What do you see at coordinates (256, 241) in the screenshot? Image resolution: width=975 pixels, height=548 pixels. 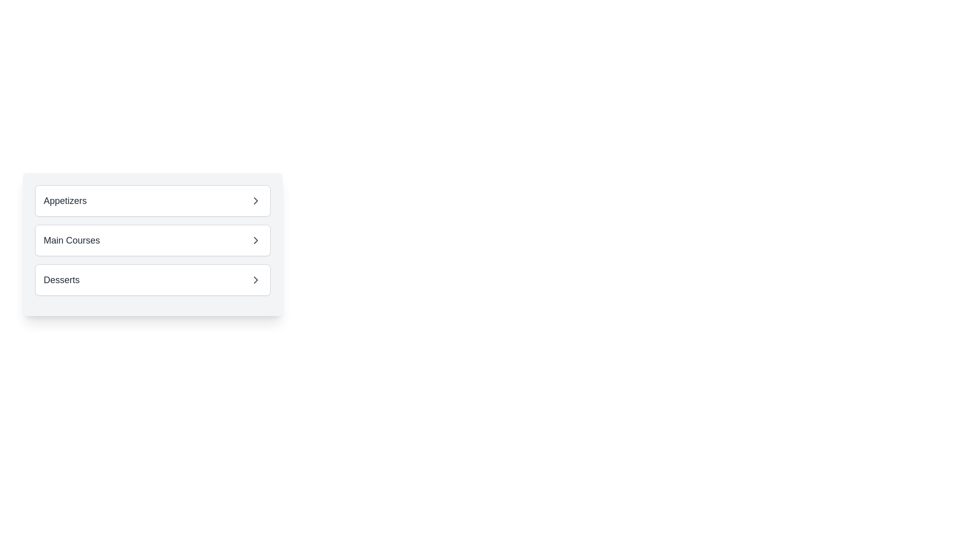 I see `the right-facing chevron icon located at the center-right side of the 'Main Courses' list entry to trigger possible visual feedback` at bounding box center [256, 241].